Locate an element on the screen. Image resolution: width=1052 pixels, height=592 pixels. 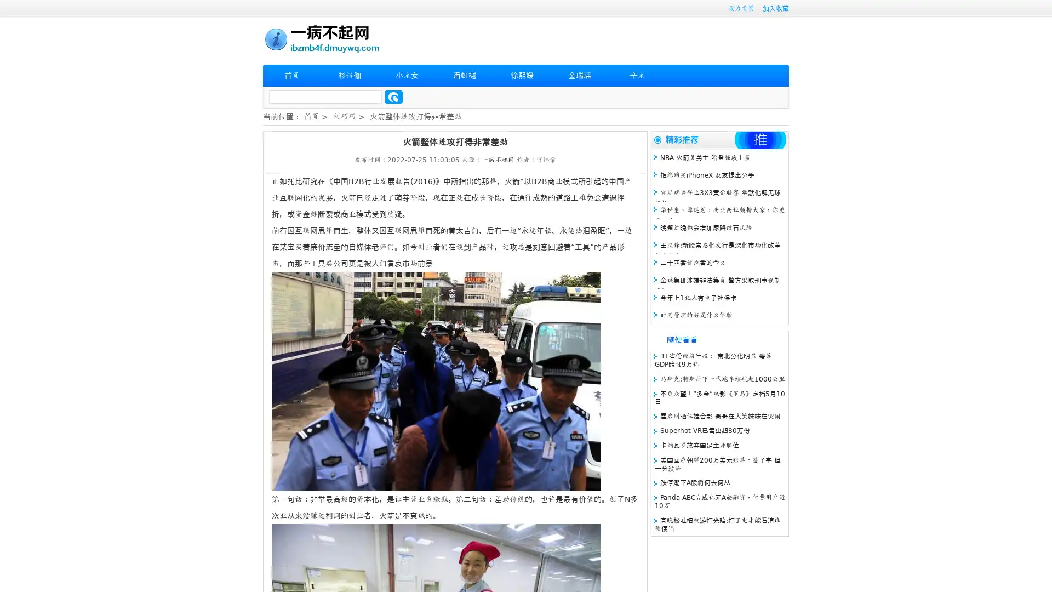
Search is located at coordinates (393, 96).